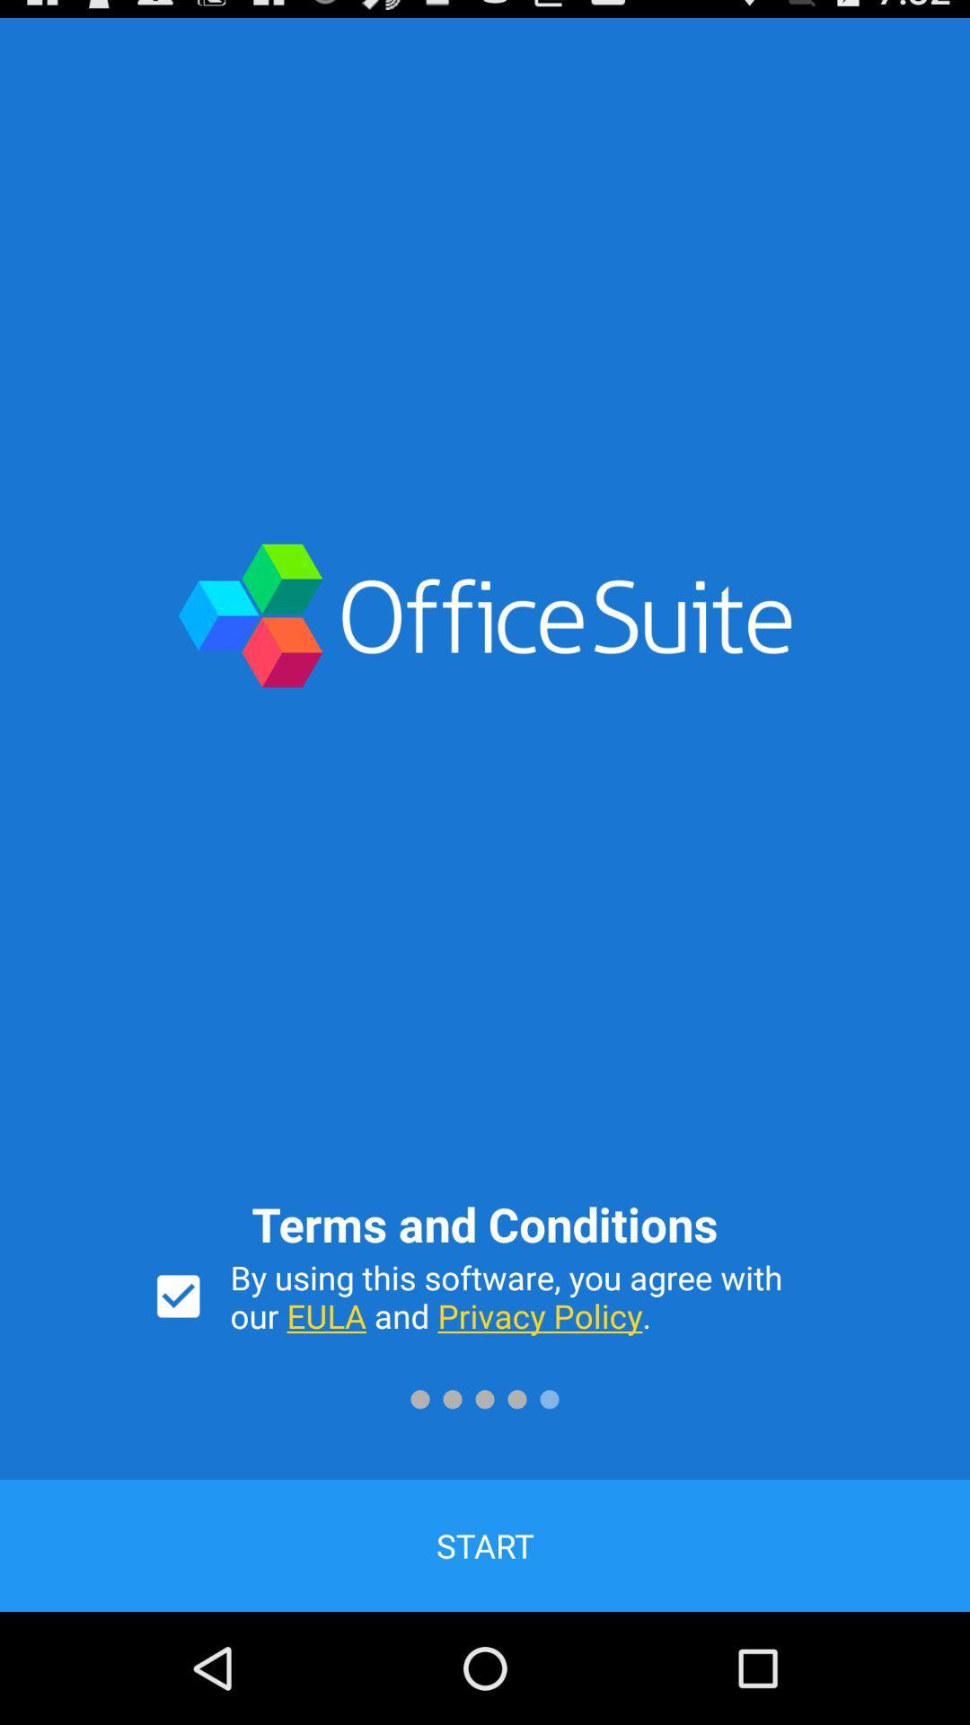  I want to click on check box to accept terms and conditions, so click(178, 1296).